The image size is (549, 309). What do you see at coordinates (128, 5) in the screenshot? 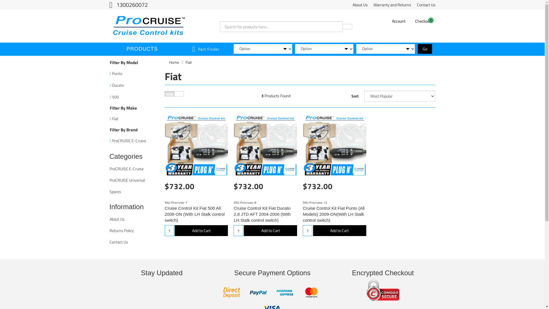
I see `'1300260072'` at bounding box center [128, 5].